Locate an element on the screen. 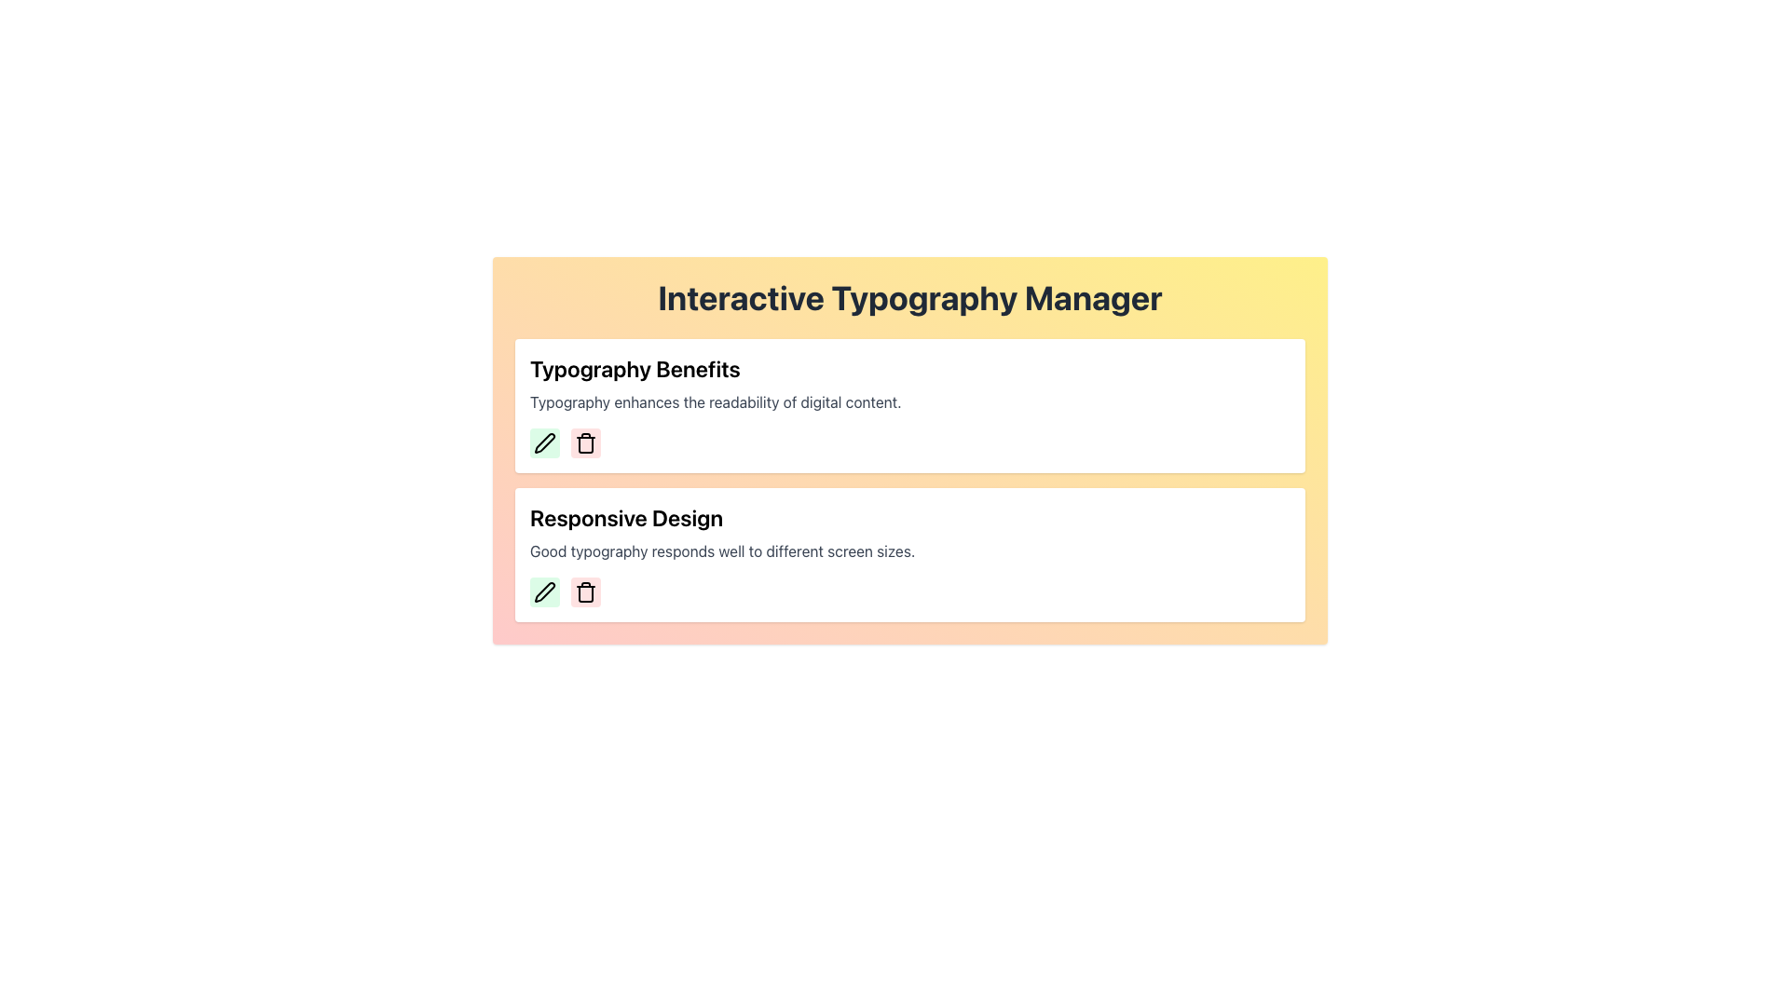 This screenshot has height=1006, width=1789. the pen icon located adjacent to the 'Responsive Design' text is located at coordinates (544, 442).